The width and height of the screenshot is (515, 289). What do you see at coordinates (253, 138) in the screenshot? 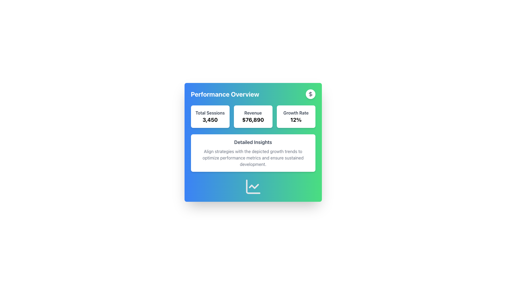
I see `the Information Box featuring 'Detailed Insights' with a white background and rounded corners, positioned centrally below the data cards` at bounding box center [253, 138].